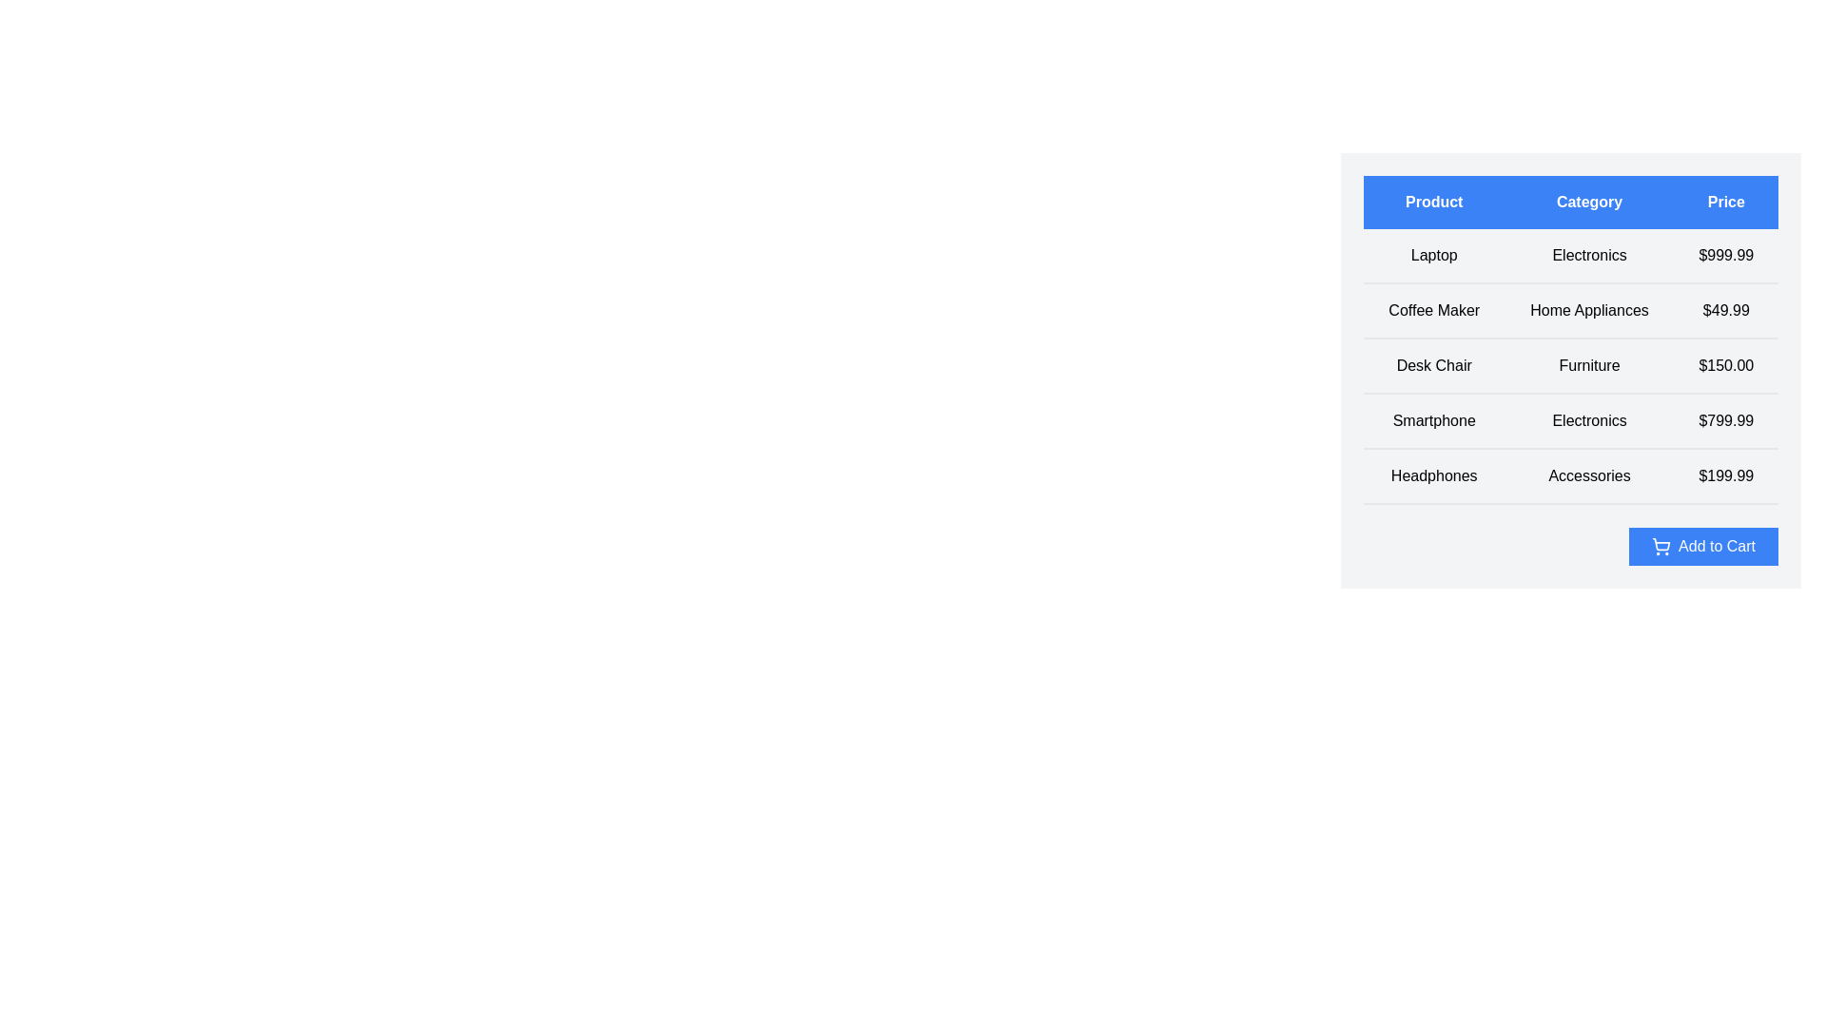 The width and height of the screenshot is (1826, 1027). What do you see at coordinates (1726, 202) in the screenshot?
I see `text 'Price' from the Table Header Cell that labels the 'Price' column in the table, positioned in the header row to the right of 'Product' and 'Category'` at bounding box center [1726, 202].